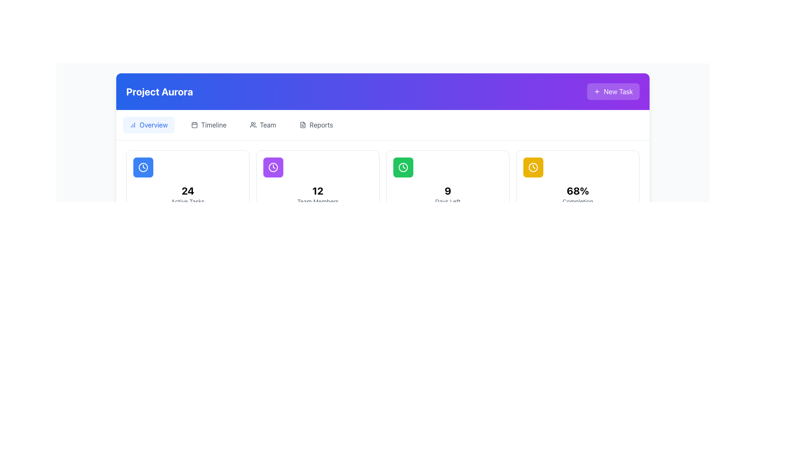 This screenshot has width=800, height=450. Describe the element at coordinates (194, 125) in the screenshot. I see `the small calendar icon located in the navigation bar adjacent to the text label 'Timeline'` at that location.